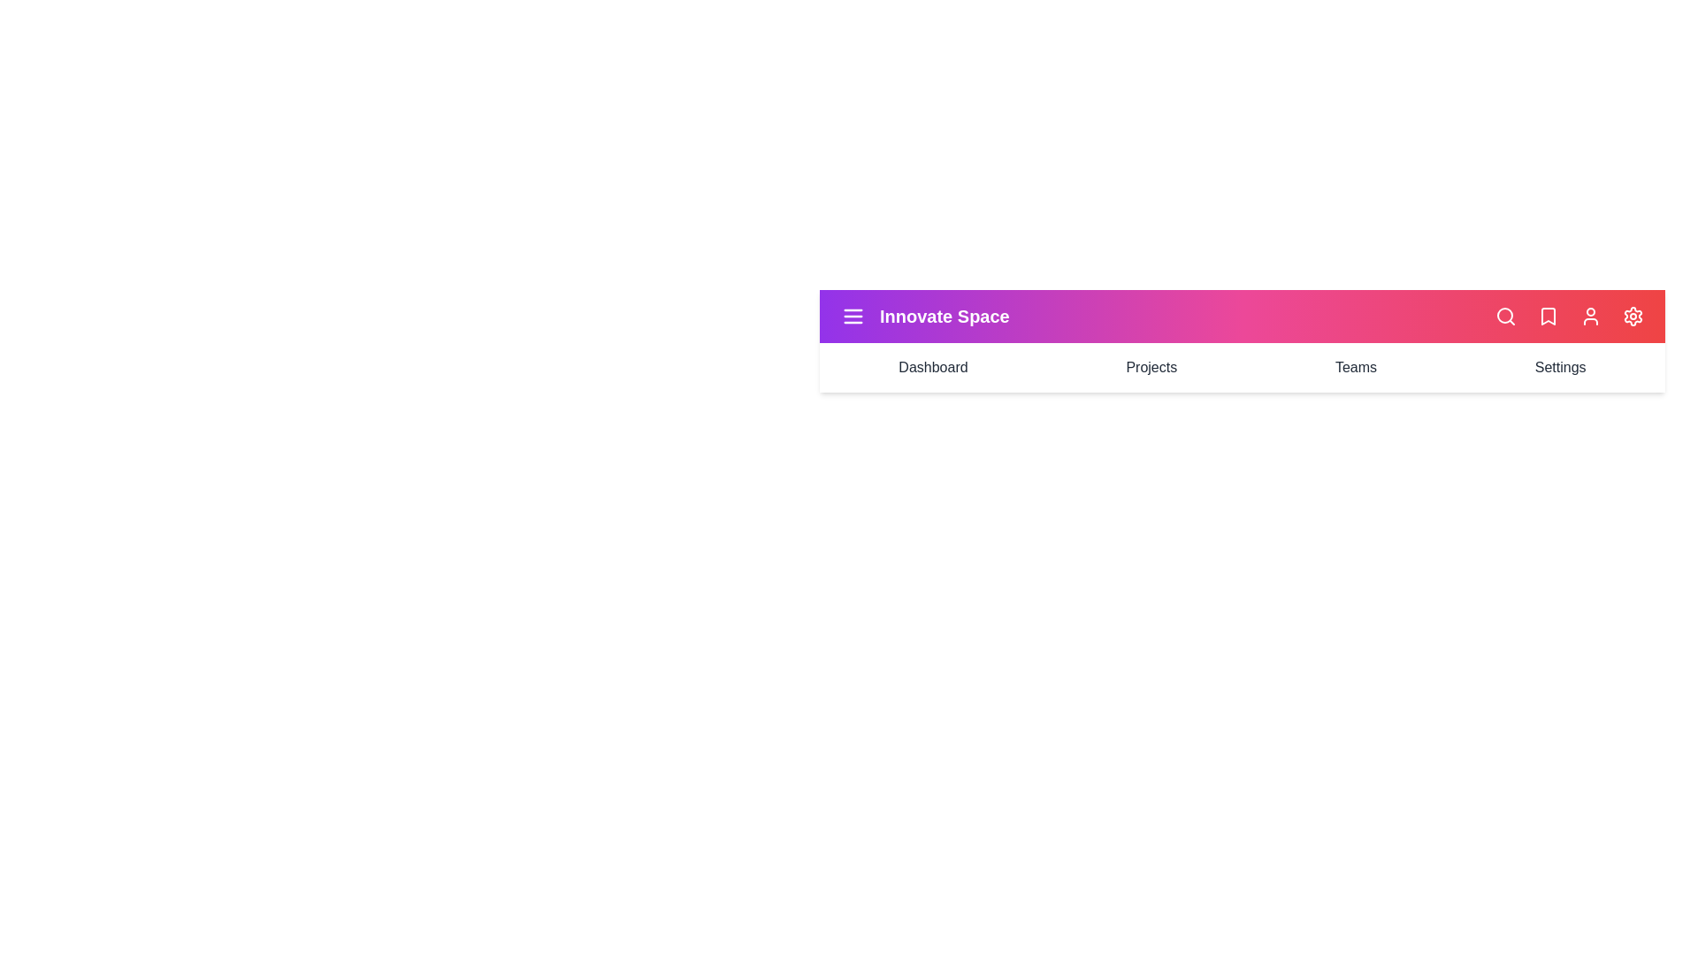 Image resolution: width=1698 pixels, height=955 pixels. What do you see at coordinates (1591, 316) in the screenshot?
I see `the user profile icon in the app bar` at bounding box center [1591, 316].